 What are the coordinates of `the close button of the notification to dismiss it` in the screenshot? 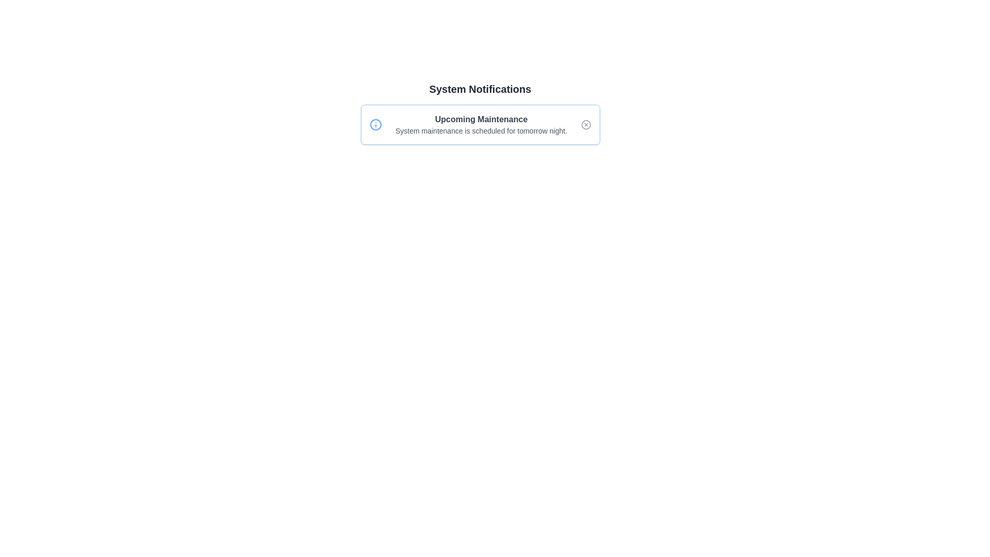 It's located at (586, 124).